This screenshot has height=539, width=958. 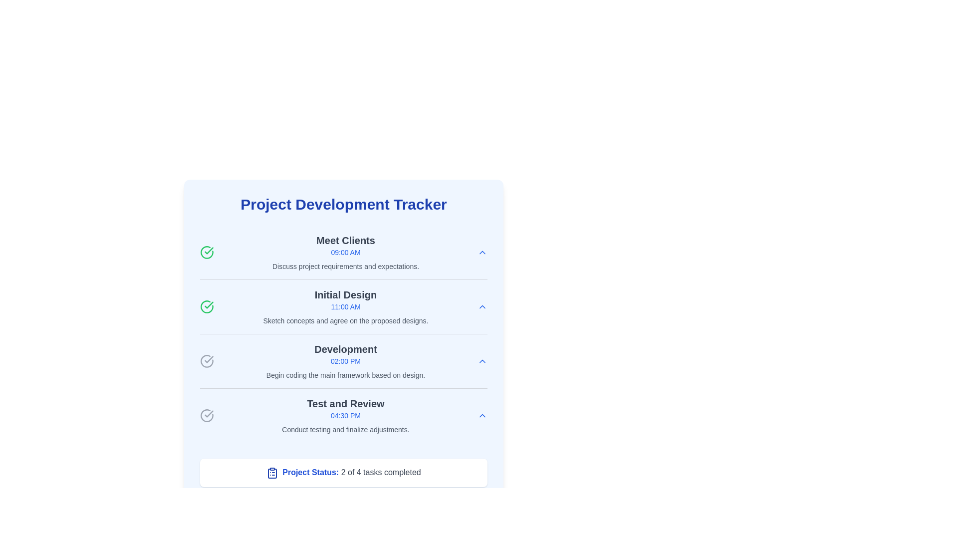 I want to click on the task item titled 'Meet Clients', so click(x=345, y=252).